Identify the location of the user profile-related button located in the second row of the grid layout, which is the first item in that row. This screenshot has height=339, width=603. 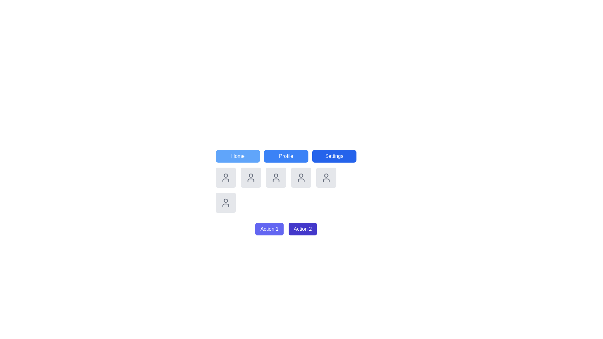
(226, 202).